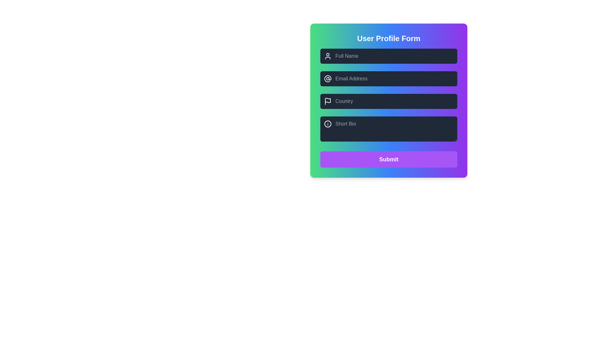 The image size is (603, 339). I want to click on the submission button located below the 'Short Bio' text field, so click(388, 159).